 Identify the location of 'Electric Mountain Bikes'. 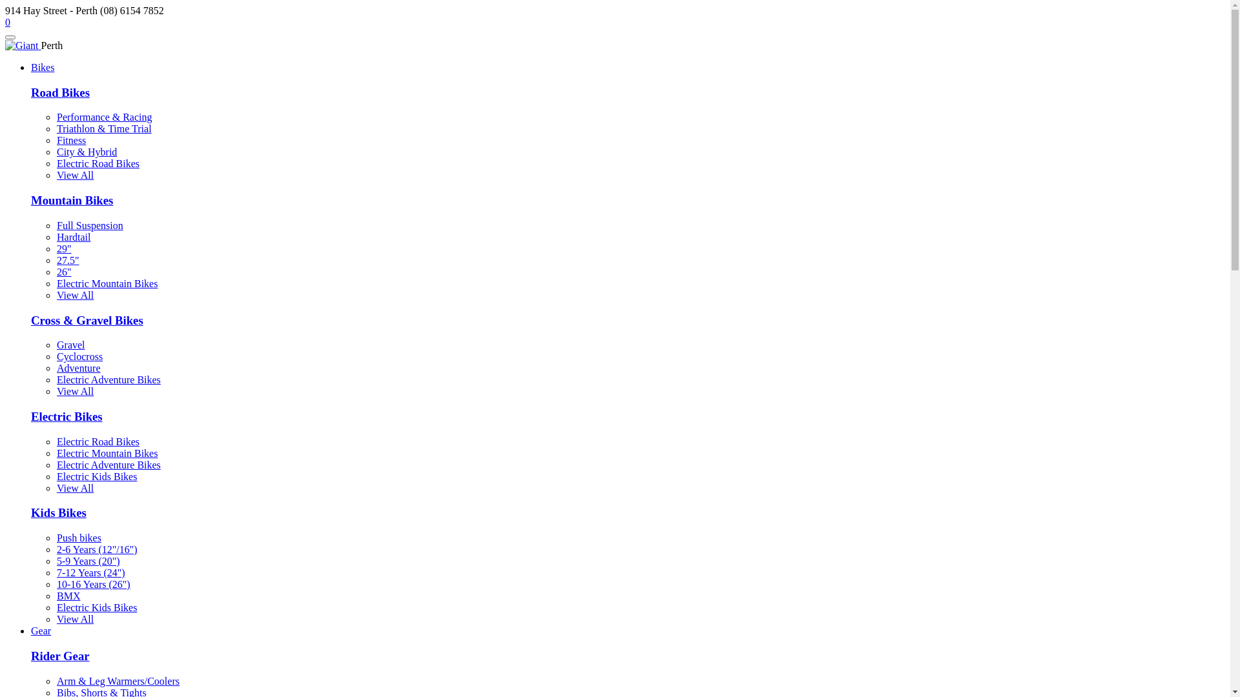
(107, 283).